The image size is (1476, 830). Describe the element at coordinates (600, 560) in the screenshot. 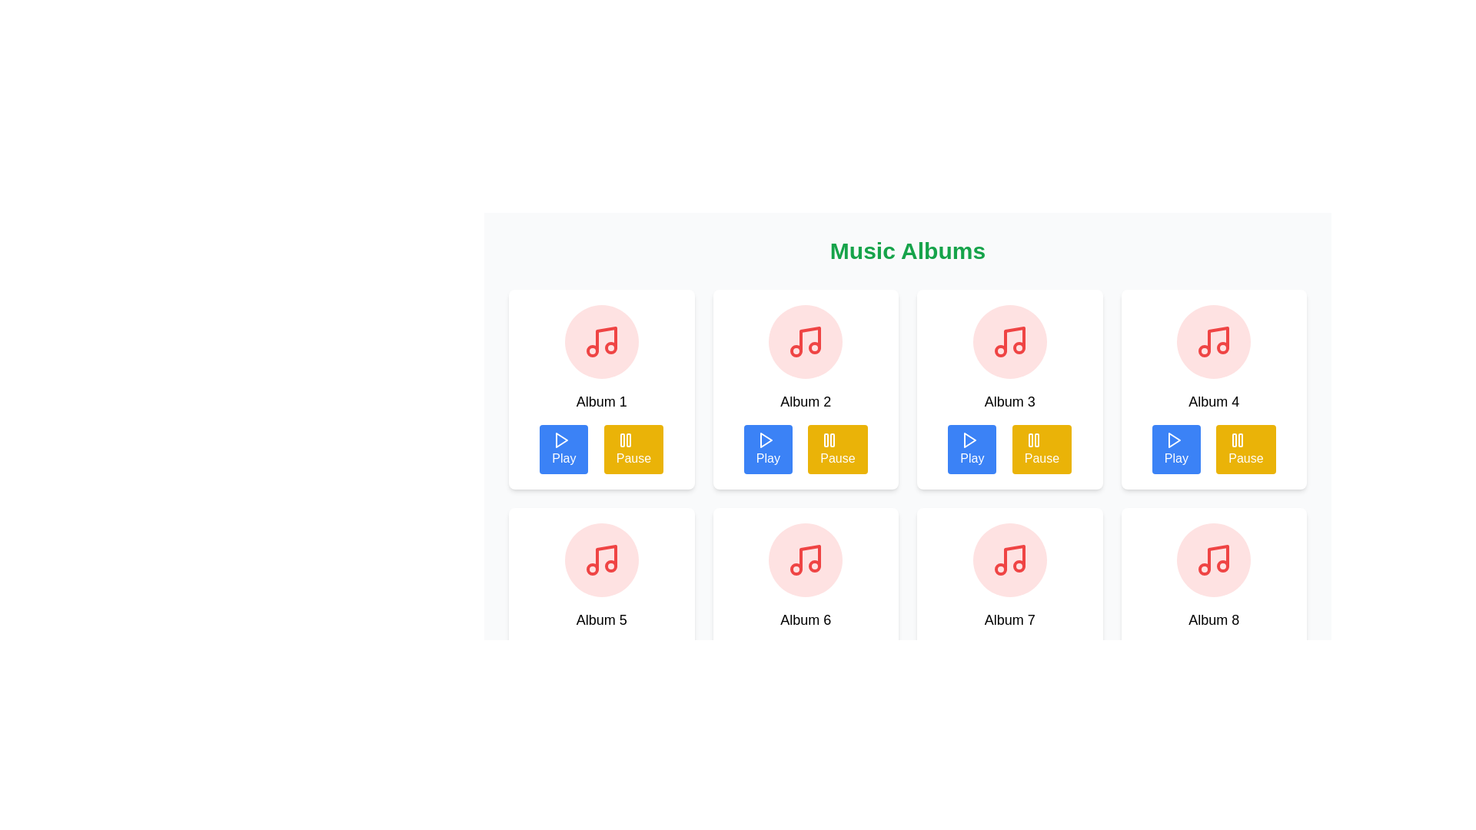

I see `the music album icon that visually represents the album with a musical notation, located in the first cell of the second row of the album grid` at that location.